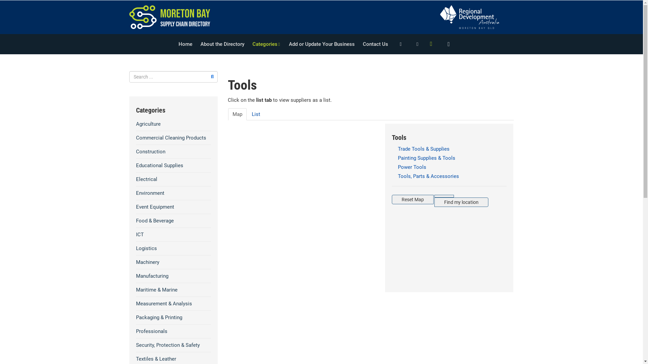 This screenshot has height=364, width=648. Describe the element at coordinates (228, 114) in the screenshot. I see `'Map'` at that location.